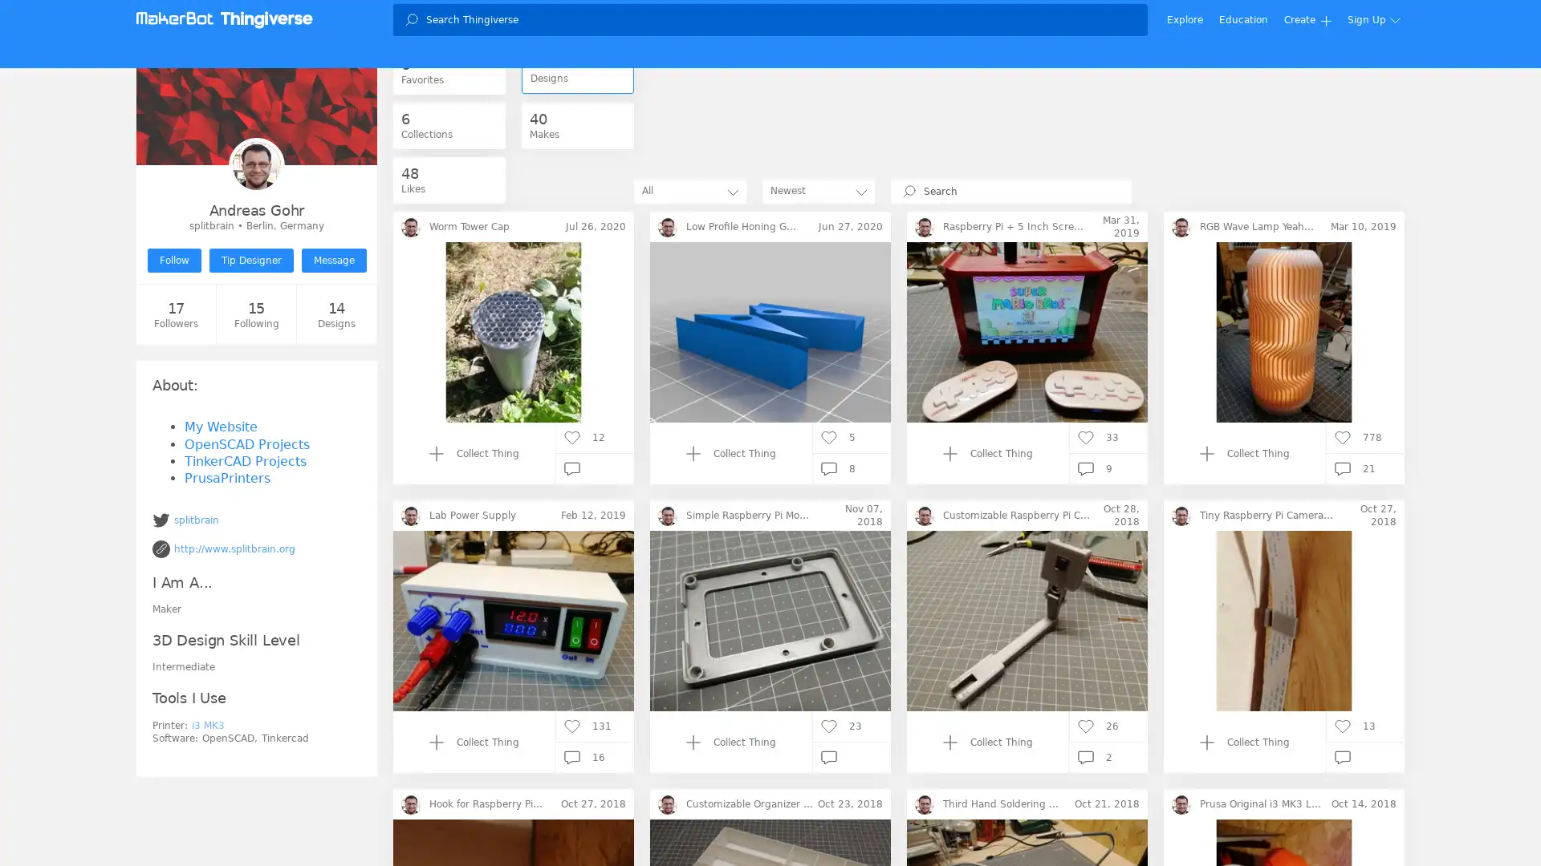 The image size is (1541, 866). What do you see at coordinates (173, 259) in the screenshot?
I see `Follow` at bounding box center [173, 259].